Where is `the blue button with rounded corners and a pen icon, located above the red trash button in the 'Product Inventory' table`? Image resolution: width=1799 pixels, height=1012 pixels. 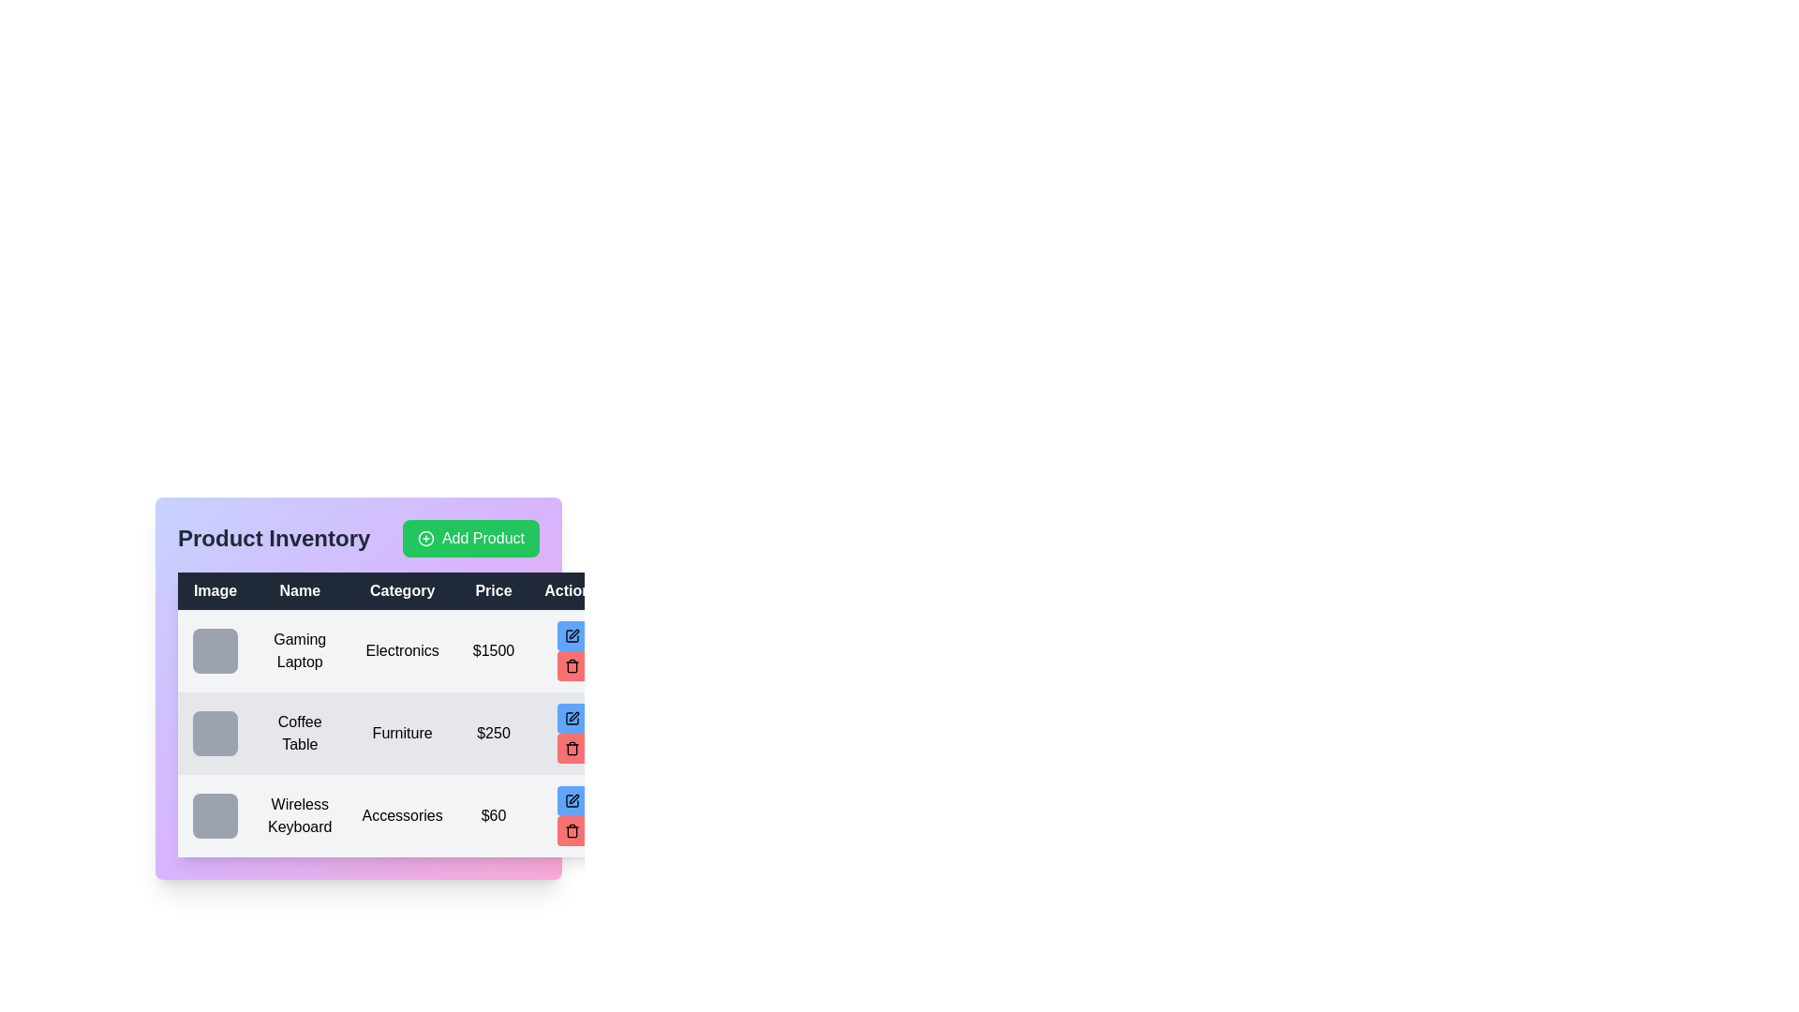 the blue button with rounded corners and a pen icon, located above the red trash button in the 'Product Inventory' table is located at coordinates (571, 801).